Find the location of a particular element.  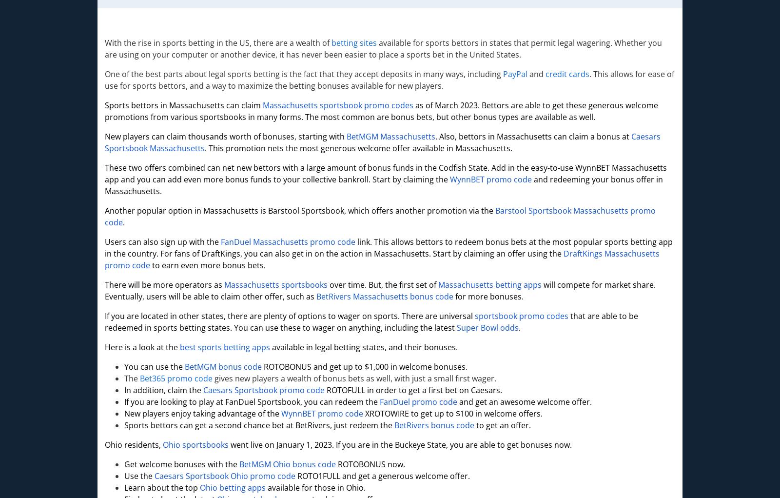

'Massachusetts betting apps' is located at coordinates (438, 284).